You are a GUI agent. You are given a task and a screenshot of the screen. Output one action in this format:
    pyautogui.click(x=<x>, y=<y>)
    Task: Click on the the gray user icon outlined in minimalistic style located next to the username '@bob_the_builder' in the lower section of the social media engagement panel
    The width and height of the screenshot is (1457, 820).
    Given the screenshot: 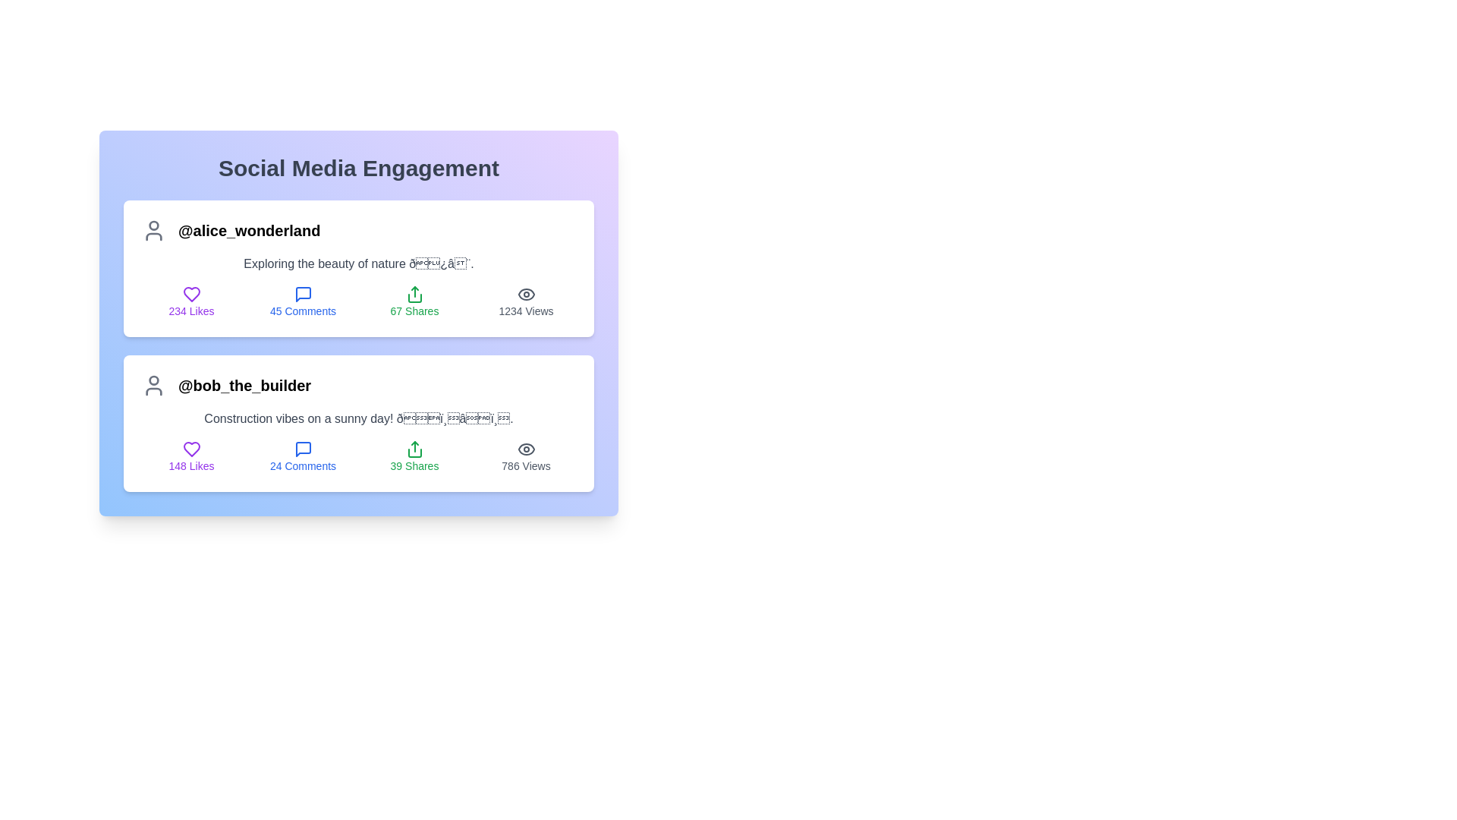 What is the action you would take?
    pyautogui.click(x=153, y=385)
    